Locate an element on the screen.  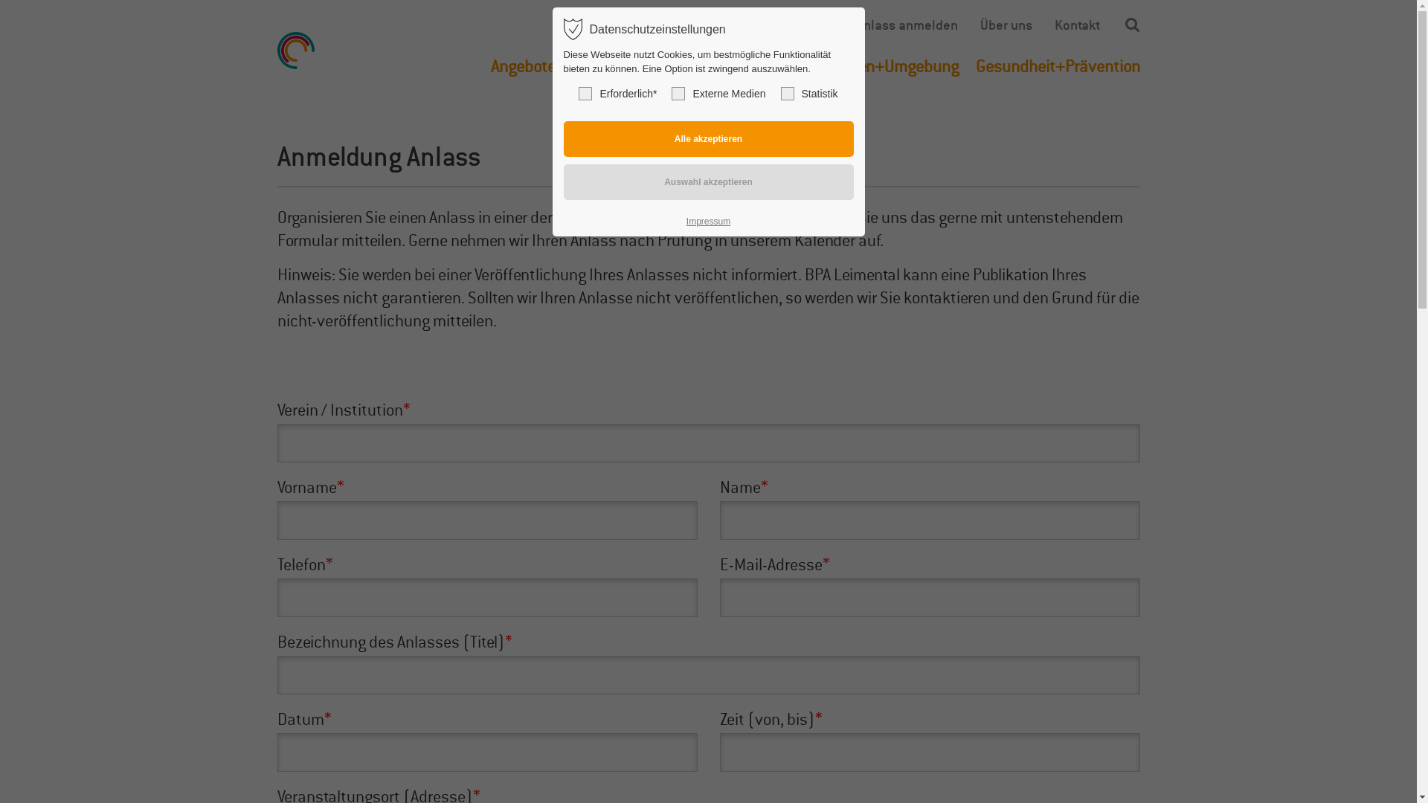
'Auswahl akzeptieren' is located at coordinates (708, 181).